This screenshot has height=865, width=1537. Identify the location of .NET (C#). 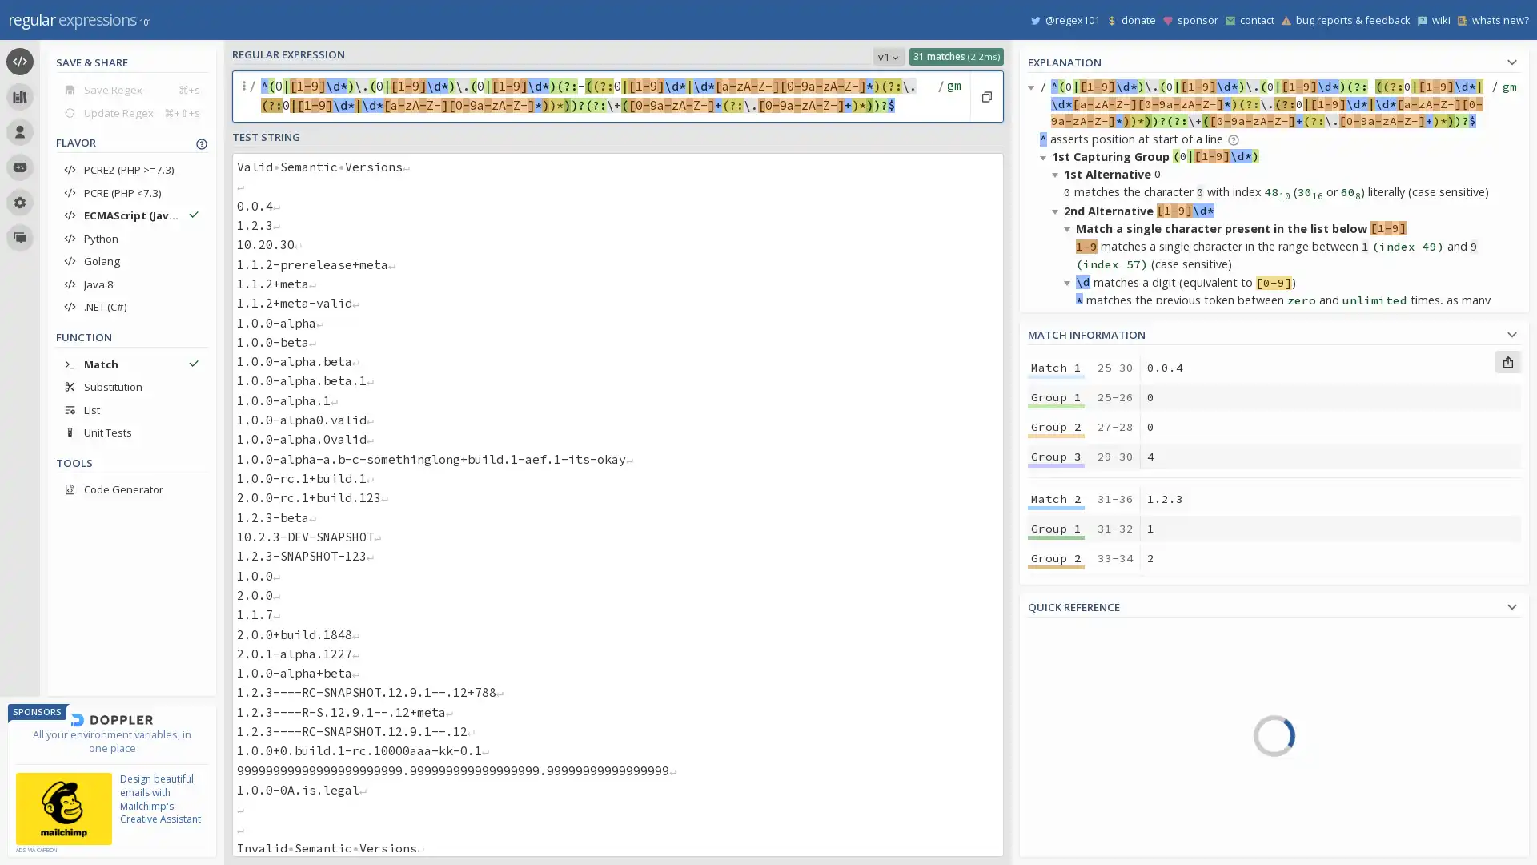
(131, 306).